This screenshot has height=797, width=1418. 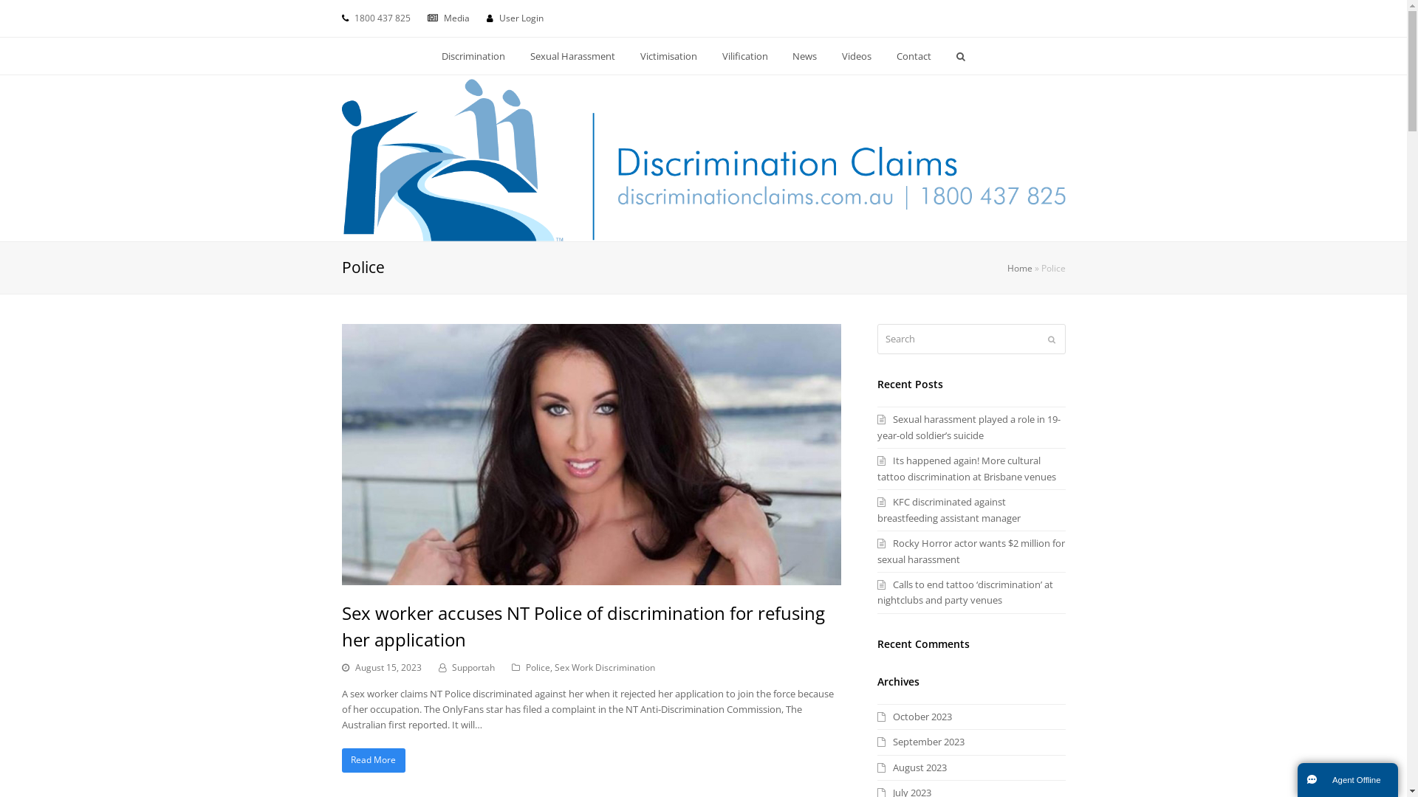 What do you see at coordinates (710, 55) in the screenshot?
I see `'Vilification'` at bounding box center [710, 55].